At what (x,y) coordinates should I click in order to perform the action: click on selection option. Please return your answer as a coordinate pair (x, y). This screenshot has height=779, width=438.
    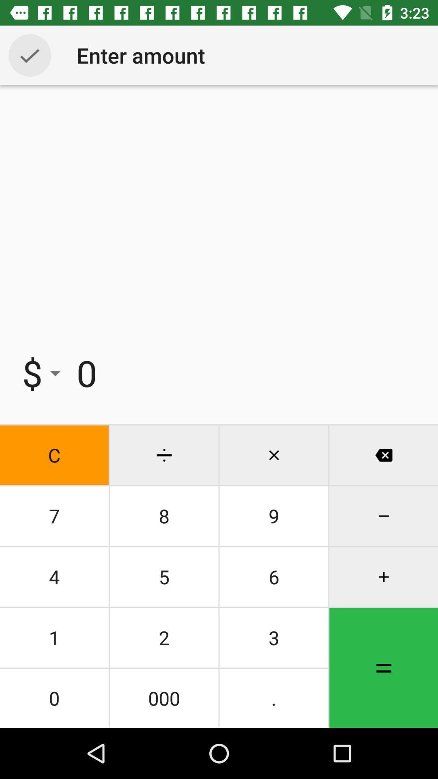
    Looking at the image, I should click on (29, 55).